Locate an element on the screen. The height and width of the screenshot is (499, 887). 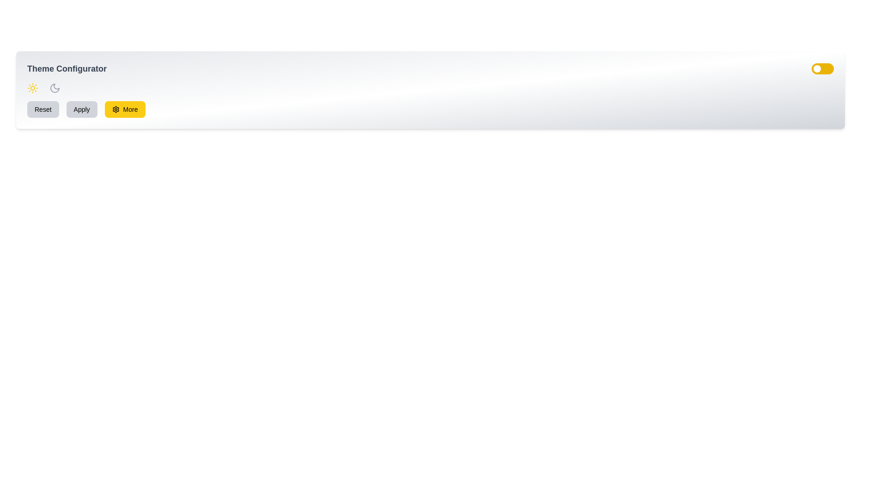
the yellow 'More' button with a gear icon is located at coordinates (124, 109).